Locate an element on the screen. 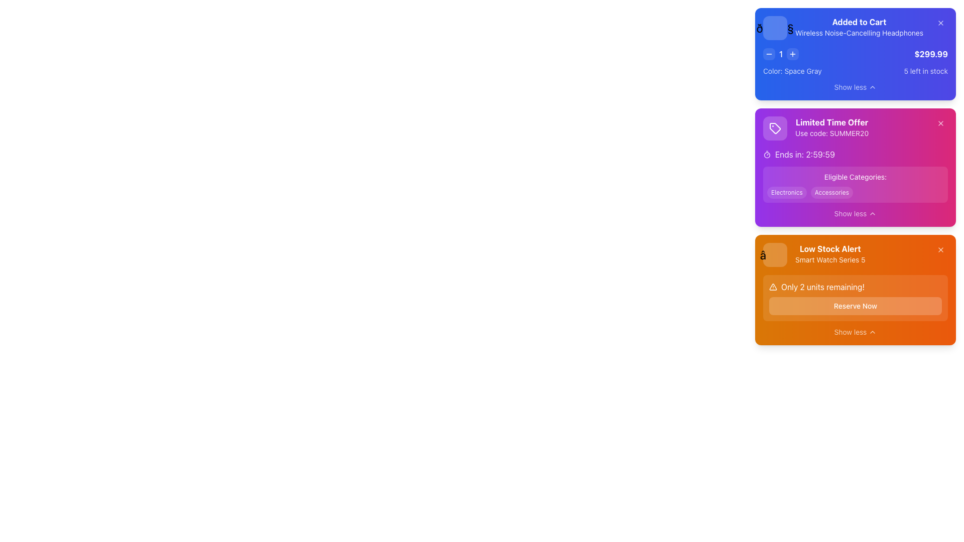  the decorative icon button representing a sale or promotional item, located on the left side of the 'Limited Time Offer' section is located at coordinates (775, 127).